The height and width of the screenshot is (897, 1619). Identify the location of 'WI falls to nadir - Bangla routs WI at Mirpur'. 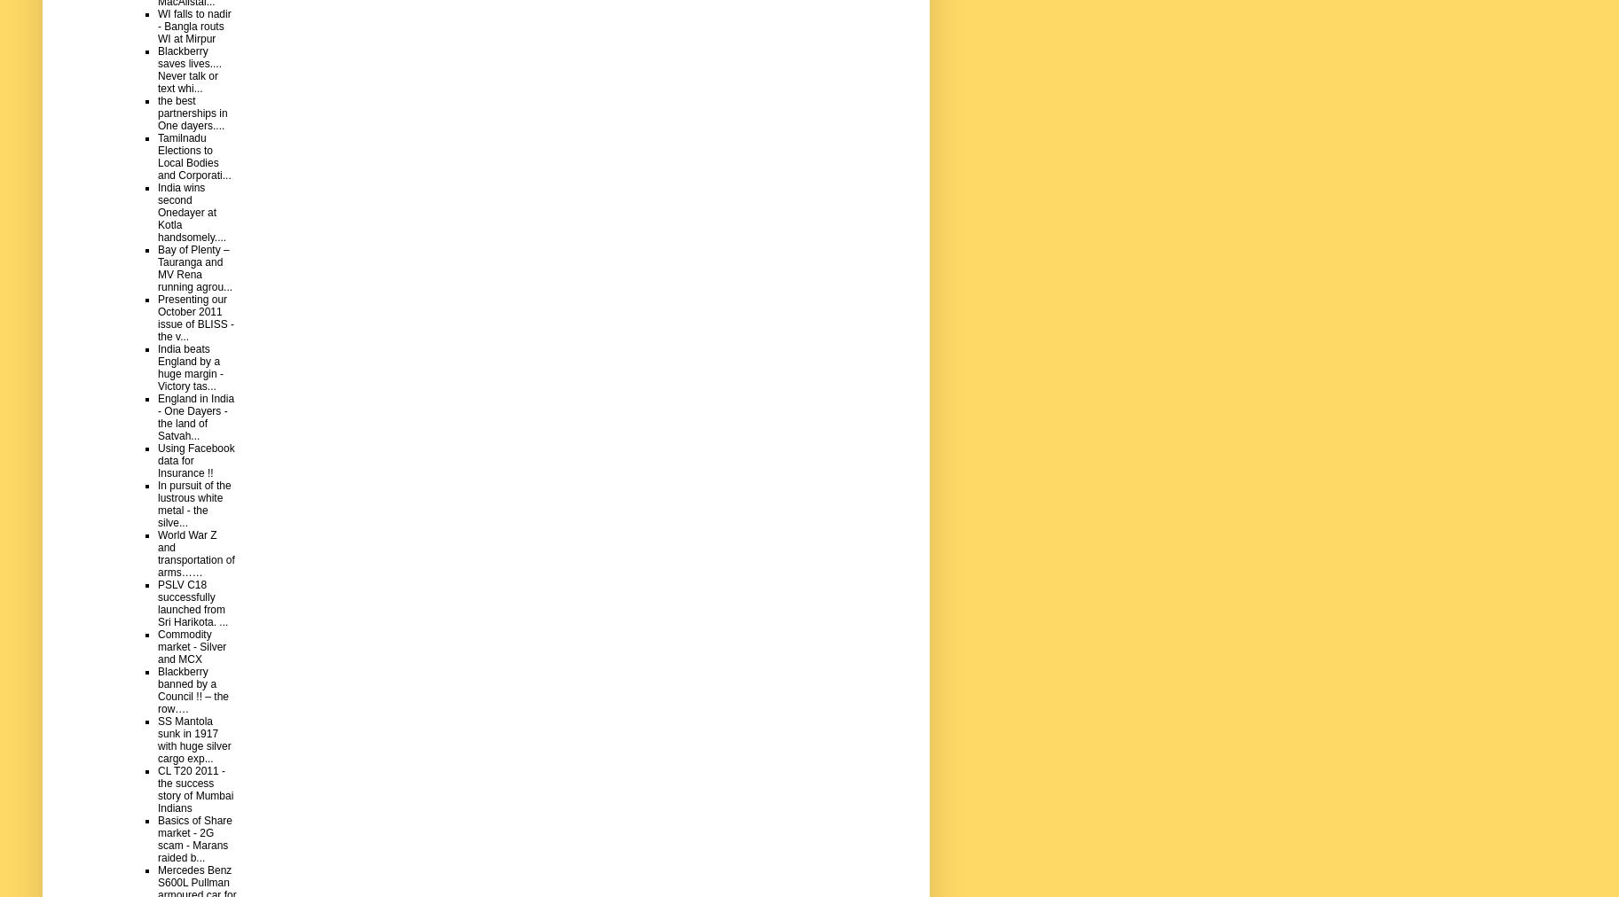
(194, 25).